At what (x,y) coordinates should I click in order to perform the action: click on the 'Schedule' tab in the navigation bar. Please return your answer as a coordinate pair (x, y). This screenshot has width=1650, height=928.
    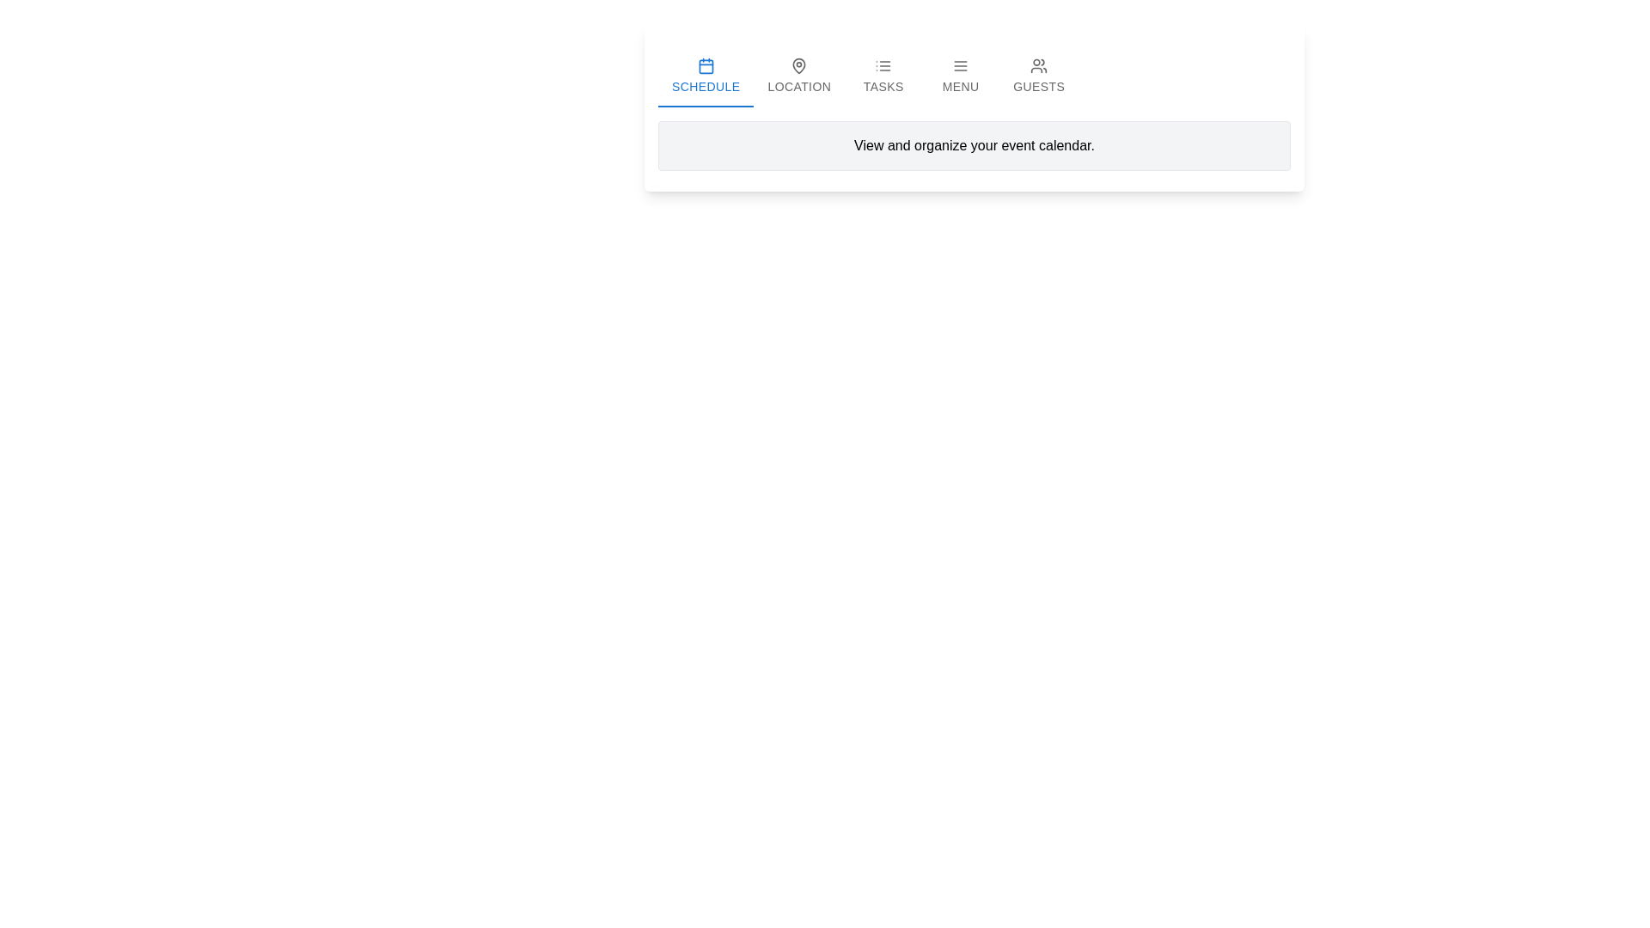
    Looking at the image, I should click on (706, 75).